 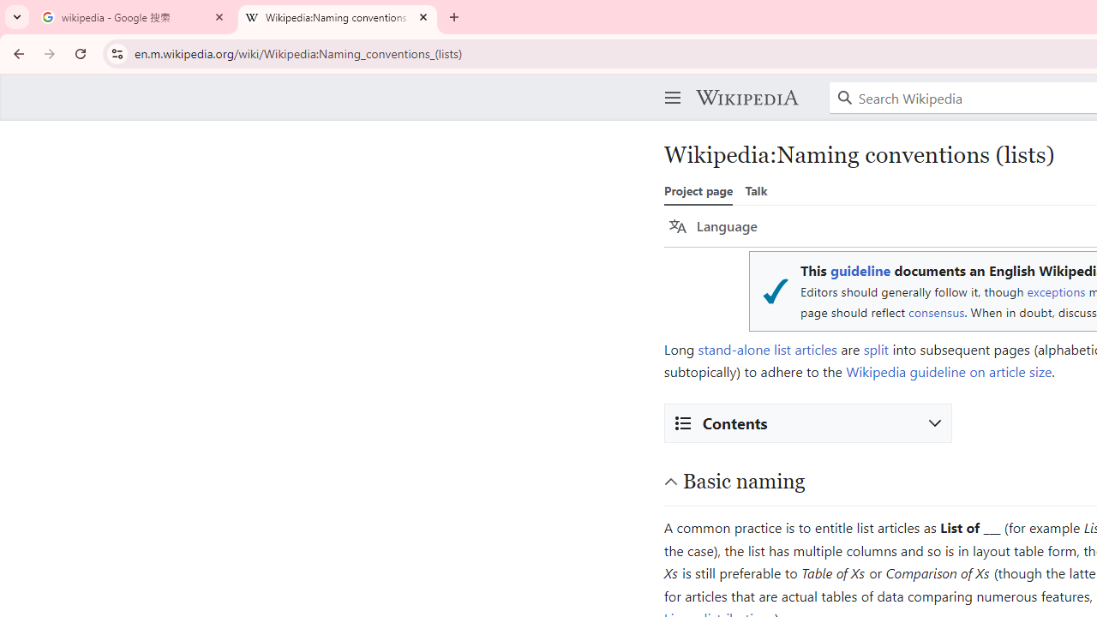 I want to click on 'split', so click(x=876, y=348).